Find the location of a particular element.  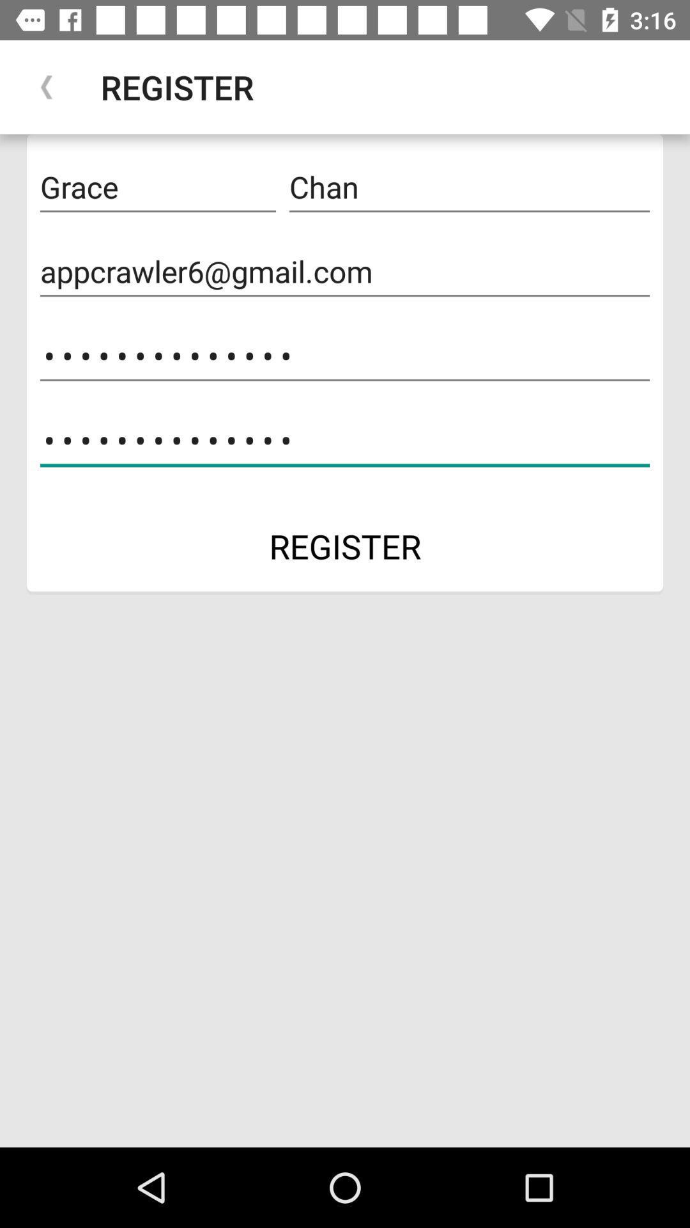

the appcrawler6@gmail.com item is located at coordinates (345, 271).